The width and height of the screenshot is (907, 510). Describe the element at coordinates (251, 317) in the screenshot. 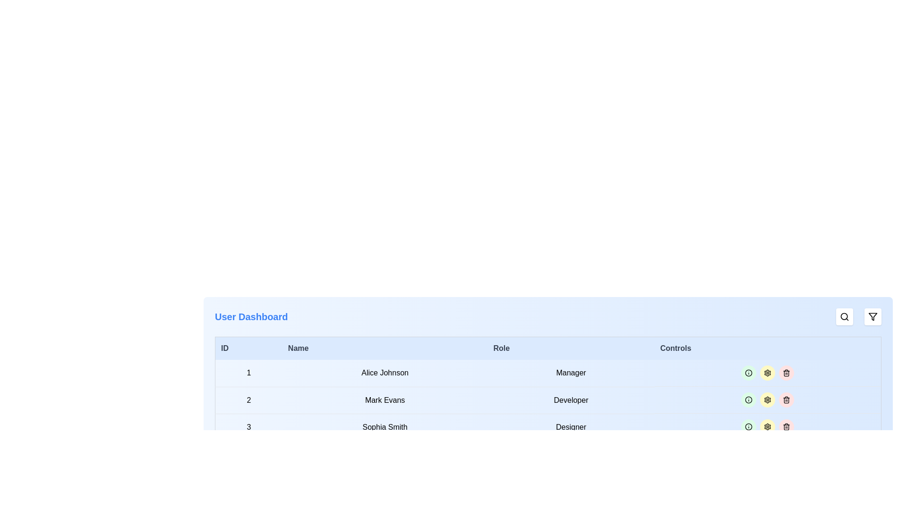

I see `the bold, blue-colored text label displaying 'User Dashboard', which is prominently positioned in the upper-left corner of the interface` at that location.